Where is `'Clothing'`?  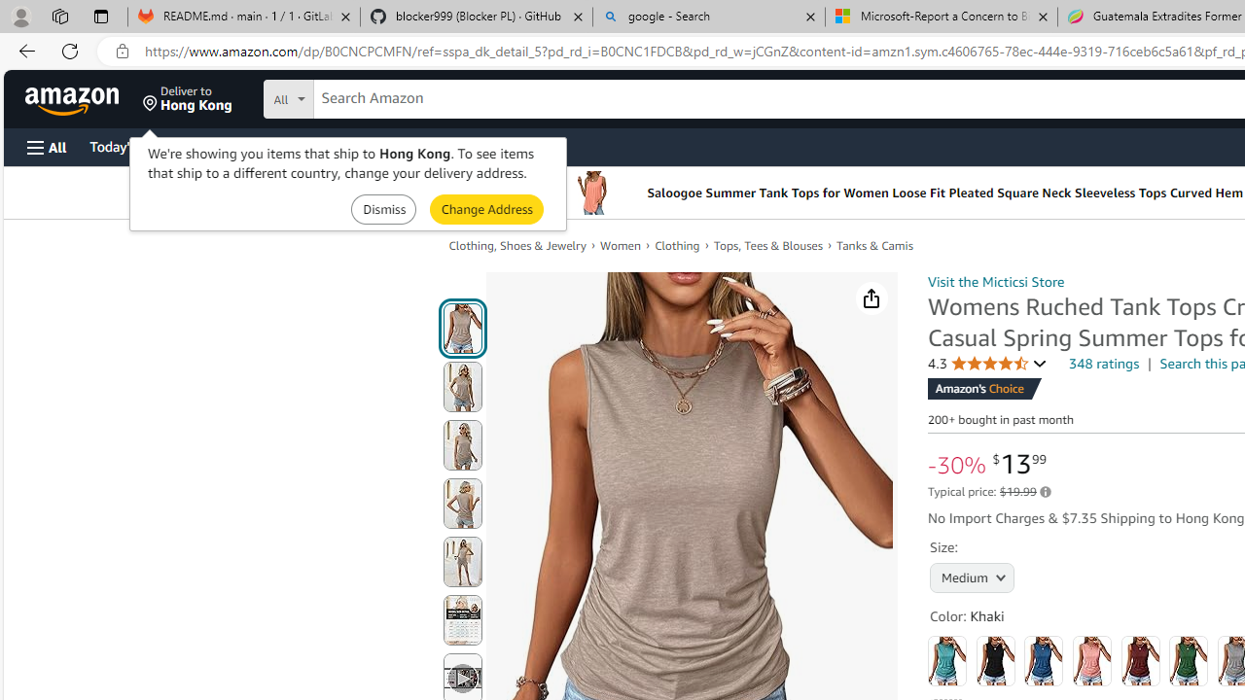
'Clothing' is located at coordinates (677, 245).